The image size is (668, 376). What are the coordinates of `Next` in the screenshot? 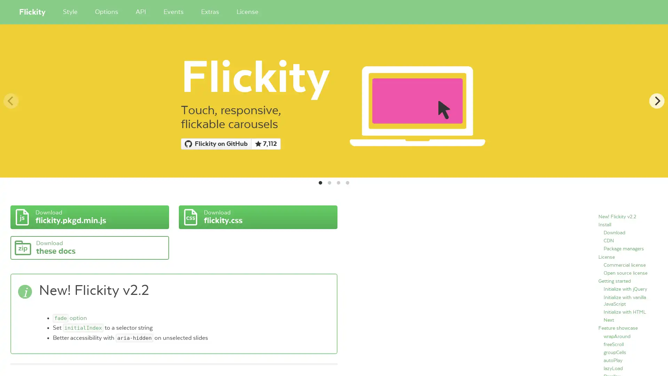 It's located at (656, 101).